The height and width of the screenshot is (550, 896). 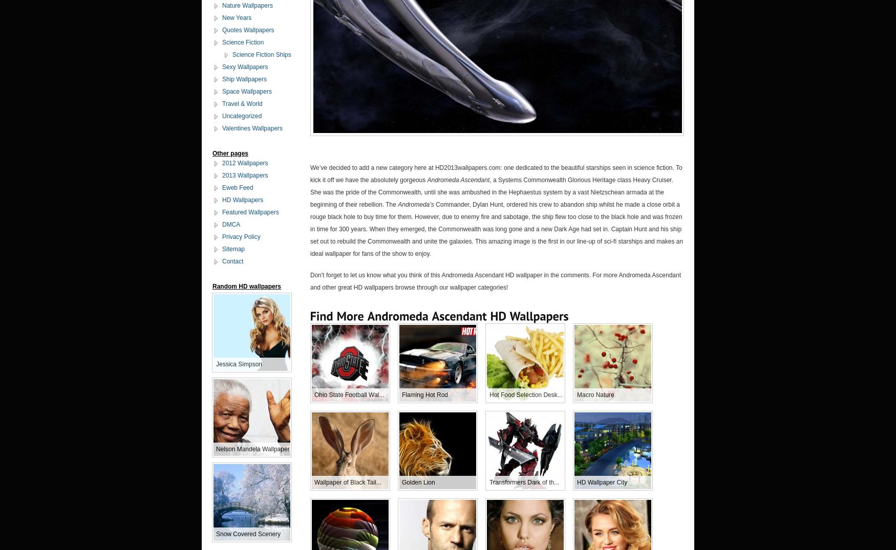 I want to click on 'Space Wallpapers', so click(x=246, y=91).